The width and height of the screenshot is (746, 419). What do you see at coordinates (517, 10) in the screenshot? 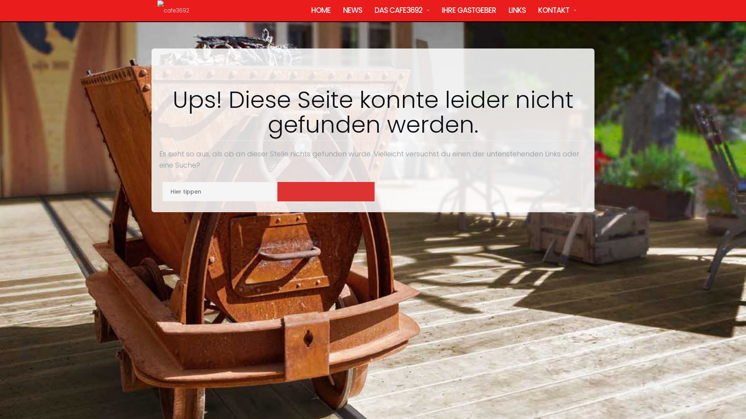
I see `'LINKS'` at bounding box center [517, 10].